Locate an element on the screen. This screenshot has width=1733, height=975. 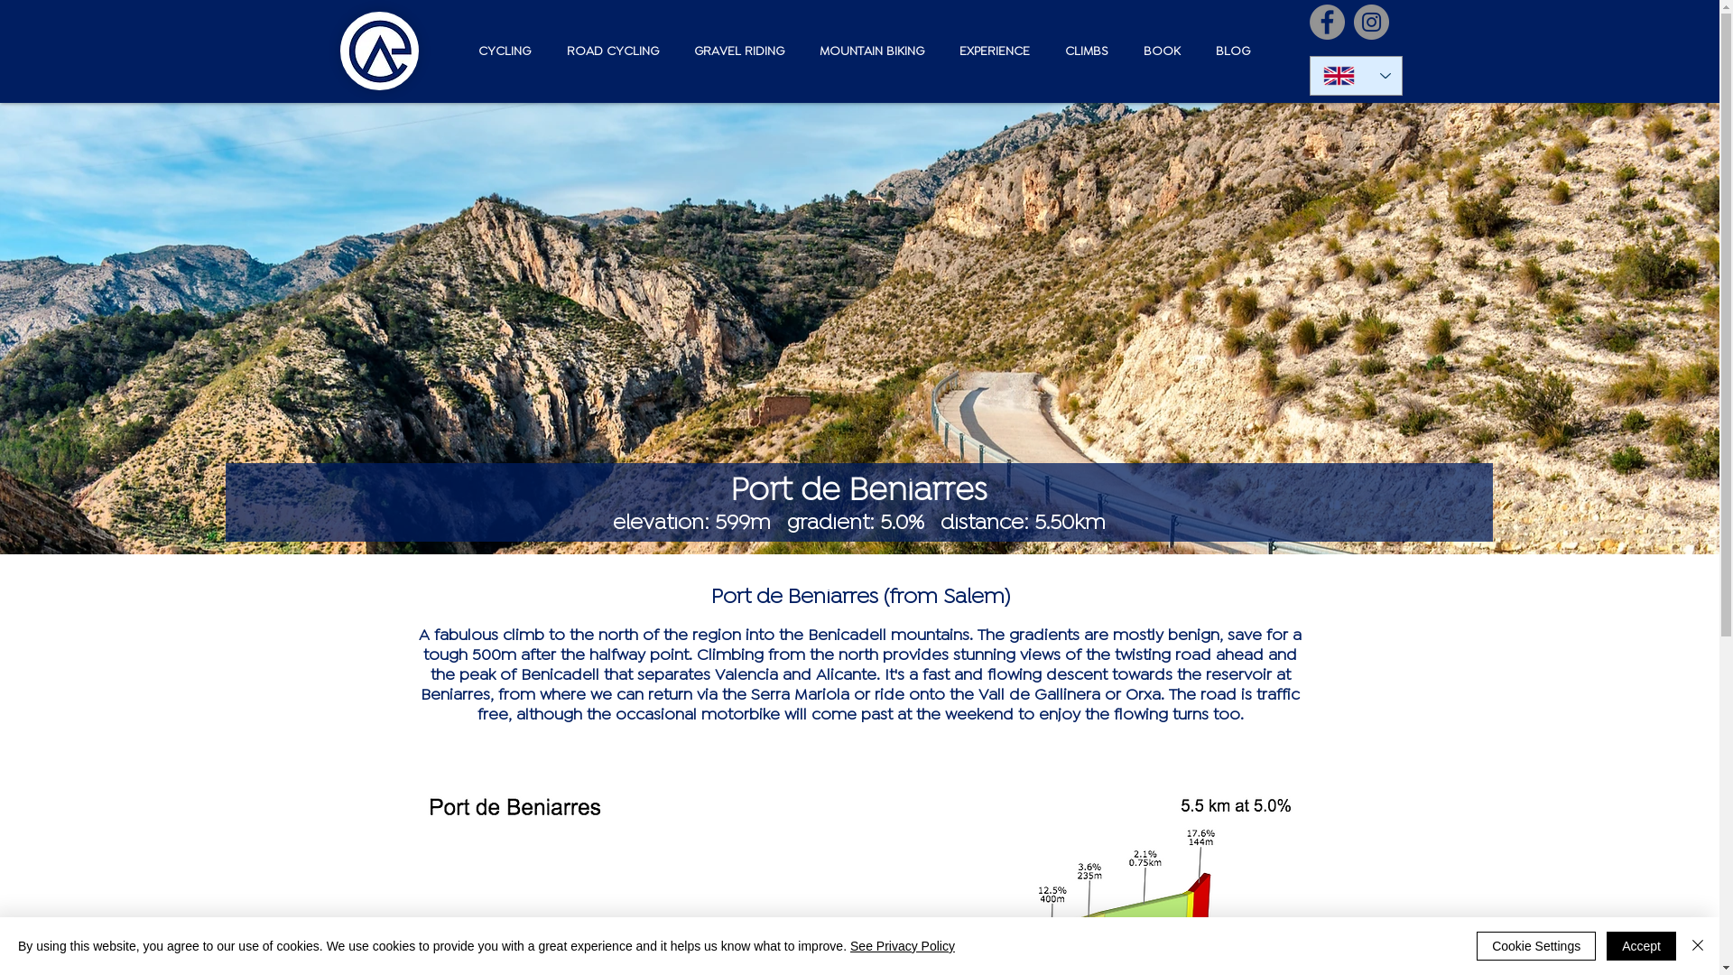
'CYCLING' is located at coordinates (498, 51).